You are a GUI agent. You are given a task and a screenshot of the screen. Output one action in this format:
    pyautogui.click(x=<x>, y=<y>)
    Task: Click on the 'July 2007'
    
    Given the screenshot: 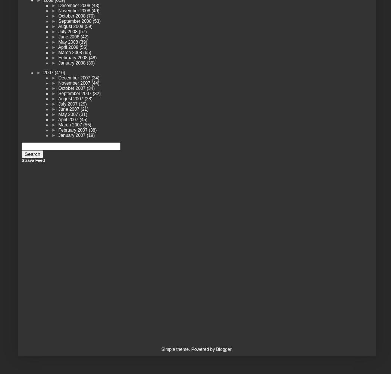 What is the action you would take?
    pyautogui.click(x=68, y=104)
    